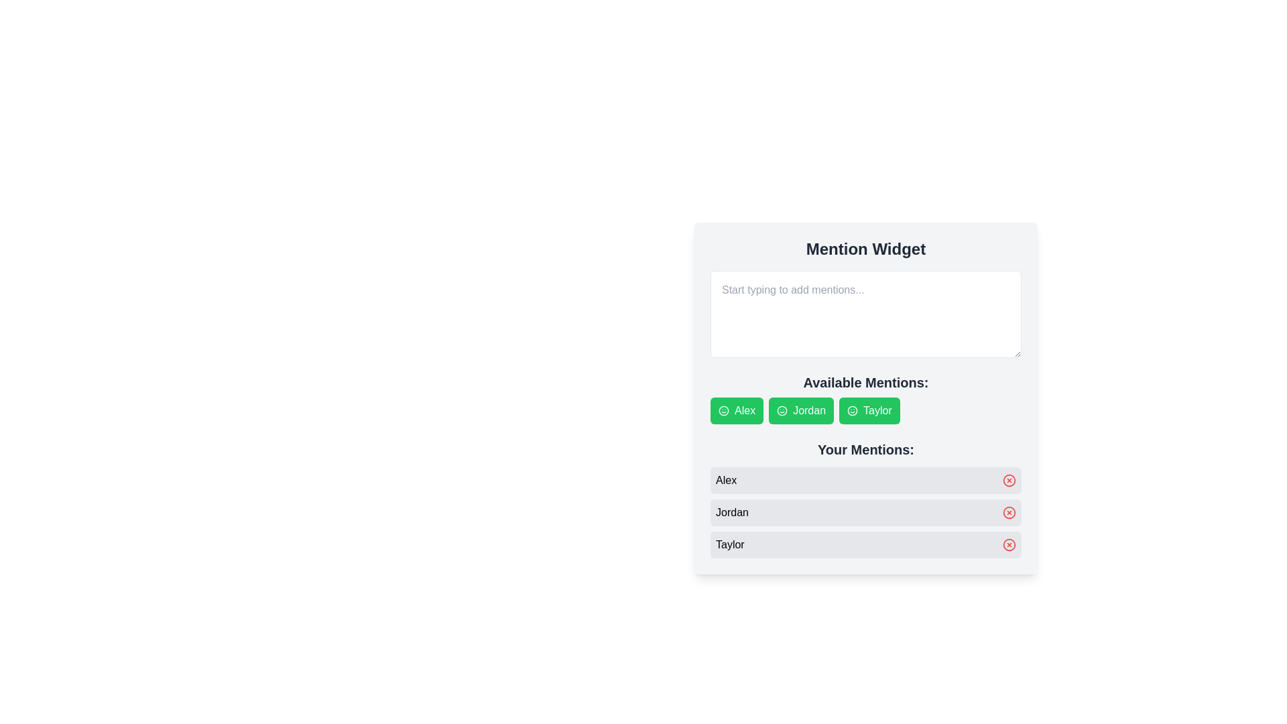  What do you see at coordinates (1009, 480) in the screenshot?
I see `the Close button, a circular red-bordered SVG element with a cross symbol, located at the end of the 'Your Mentions' list for 'Alex'` at bounding box center [1009, 480].